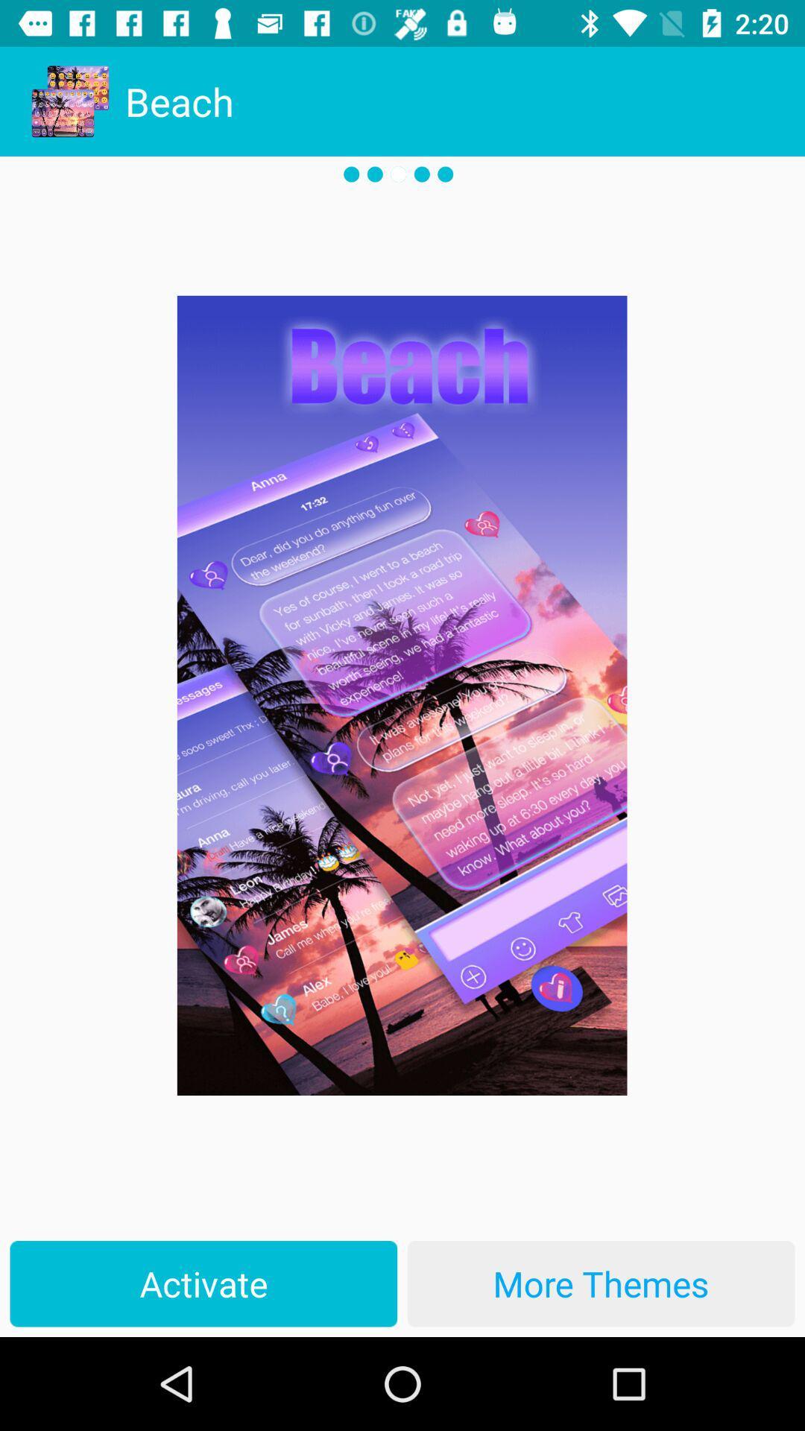 Image resolution: width=805 pixels, height=1431 pixels. Describe the element at coordinates (600, 1283) in the screenshot. I see `more themes item` at that location.